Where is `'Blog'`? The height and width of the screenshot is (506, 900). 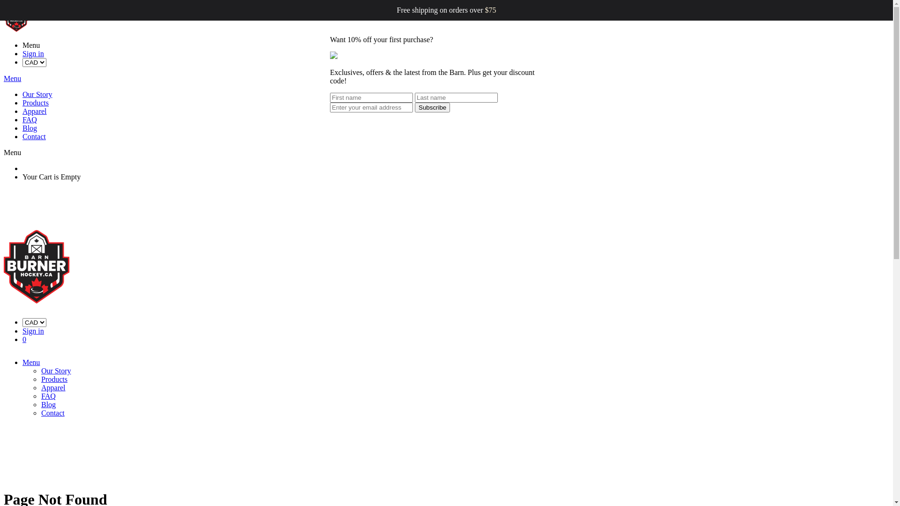
'Blog' is located at coordinates (48, 404).